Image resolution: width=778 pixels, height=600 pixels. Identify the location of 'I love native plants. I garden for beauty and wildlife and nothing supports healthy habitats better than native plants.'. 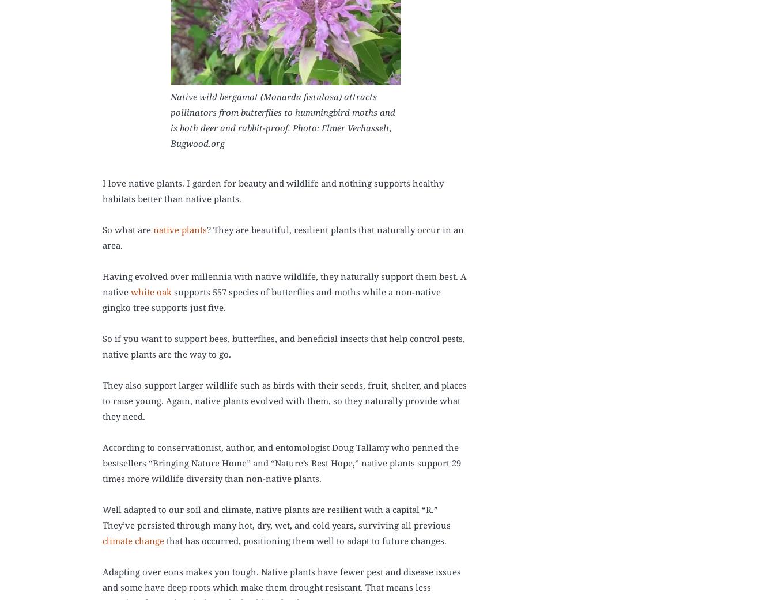
(272, 191).